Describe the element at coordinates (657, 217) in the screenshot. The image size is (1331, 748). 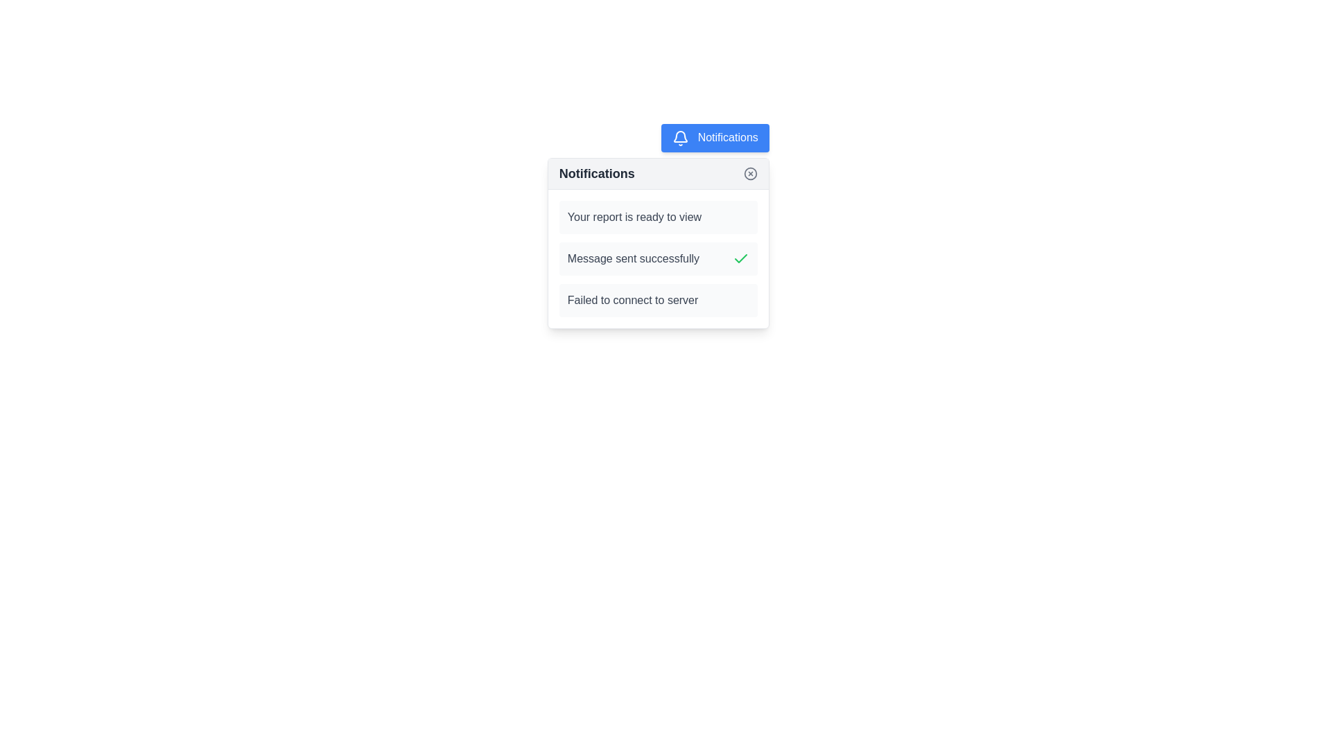
I see `notification text displayed in the light gray notification banner that states 'Your report is ready to view', located at the top of the notifications list` at that location.